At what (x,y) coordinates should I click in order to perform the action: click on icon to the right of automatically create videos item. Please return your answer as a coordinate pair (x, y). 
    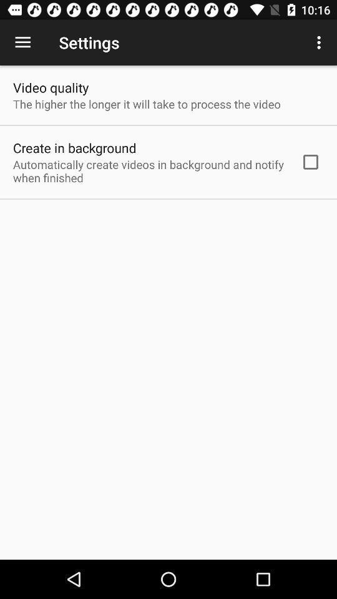
    Looking at the image, I should click on (310, 161).